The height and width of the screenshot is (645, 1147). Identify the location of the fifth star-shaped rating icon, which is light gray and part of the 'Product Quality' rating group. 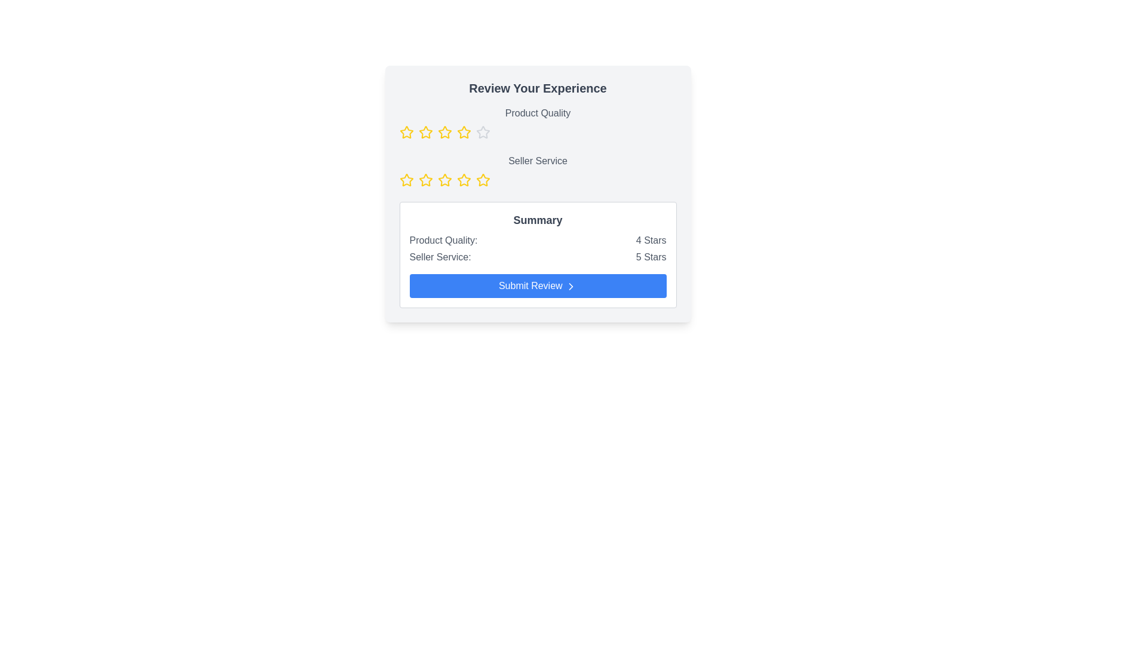
(483, 133).